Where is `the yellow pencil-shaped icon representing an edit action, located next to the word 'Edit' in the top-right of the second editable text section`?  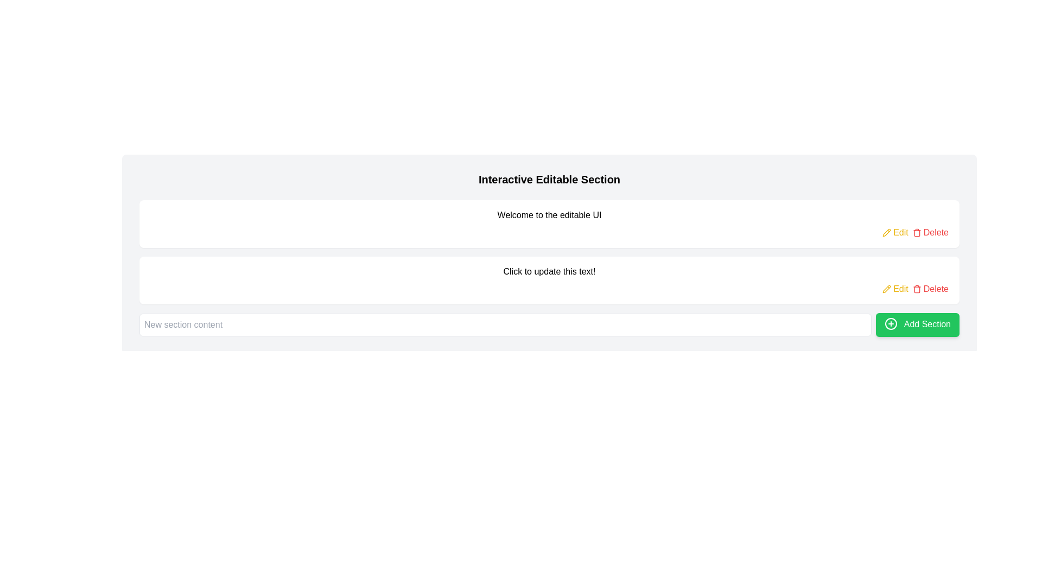
the yellow pencil-shaped icon representing an edit action, located next to the word 'Edit' in the top-right of the second editable text section is located at coordinates (887, 288).